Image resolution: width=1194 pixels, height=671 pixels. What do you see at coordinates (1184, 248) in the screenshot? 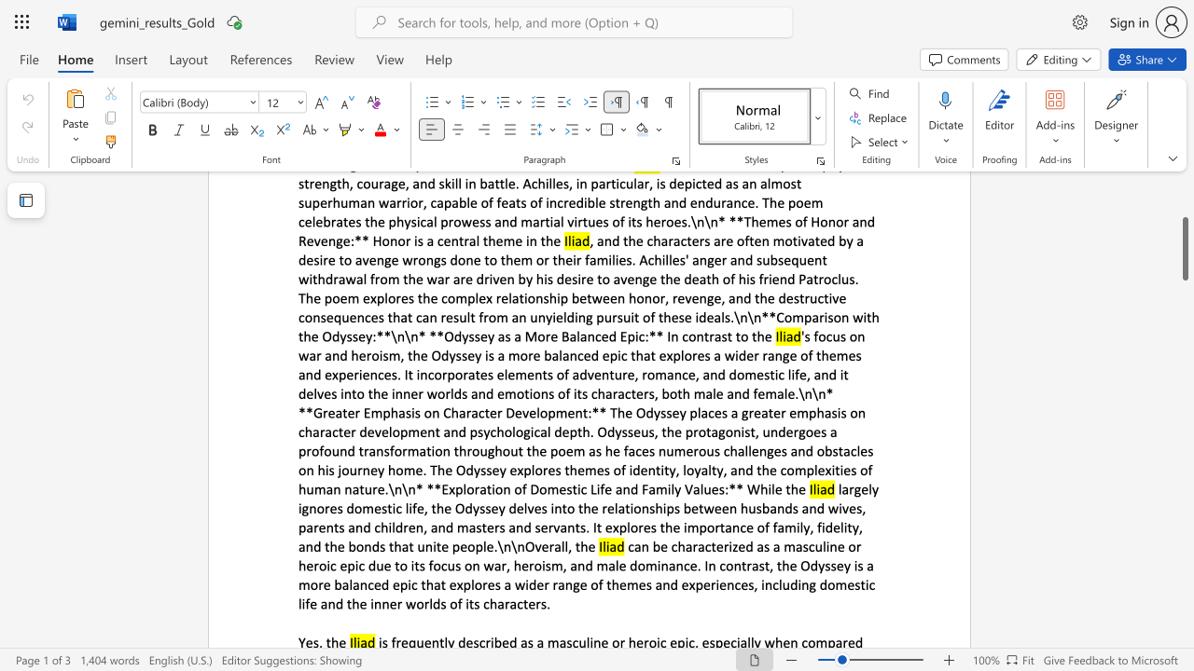
I see `the scrollbar and move down 700 pixels` at bounding box center [1184, 248].